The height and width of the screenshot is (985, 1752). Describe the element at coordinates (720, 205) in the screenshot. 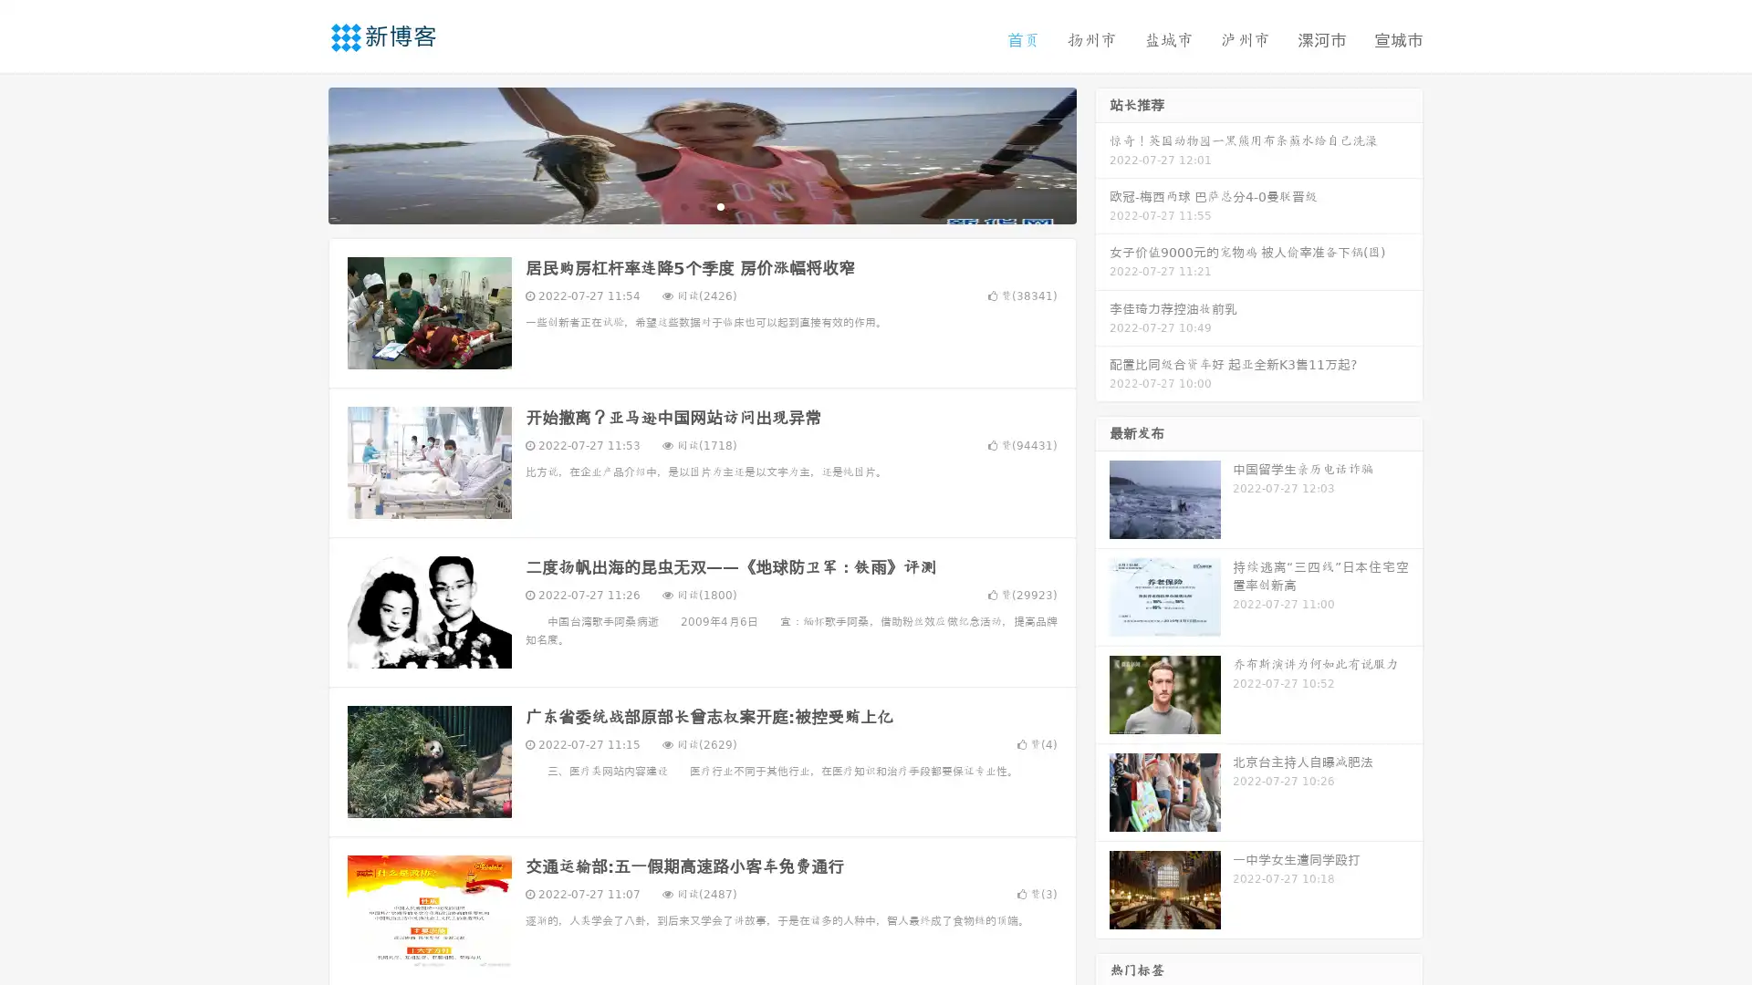

I see `Go to slide 3` at that location.